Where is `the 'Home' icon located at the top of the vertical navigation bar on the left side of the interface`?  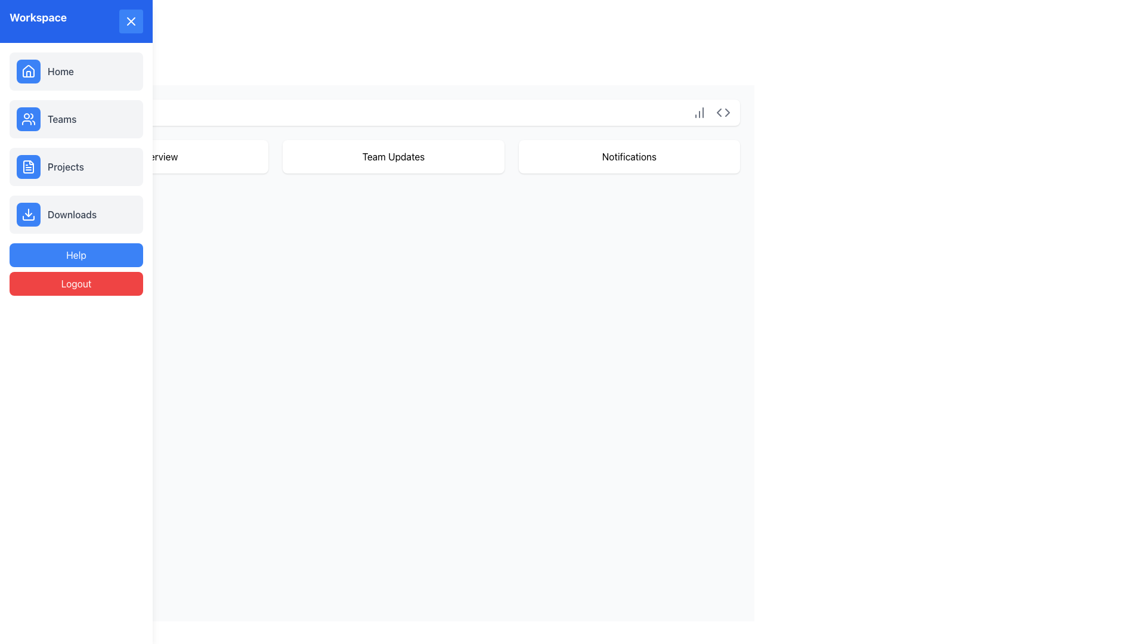 the 'Home' icon located at the top of the vertical navigation bar on the left side of the interface is located at coordinates (29, 71).